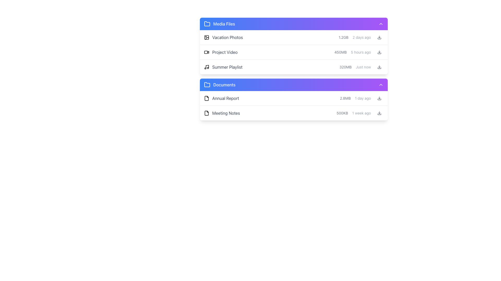 The image size is (501, 281). What do you see at coordinates (224, 85) in the screenshot?
I see `text label indicating the content category as 'Documents' located next to the folder icon in the file management interface` at bounding box center [224, 85].